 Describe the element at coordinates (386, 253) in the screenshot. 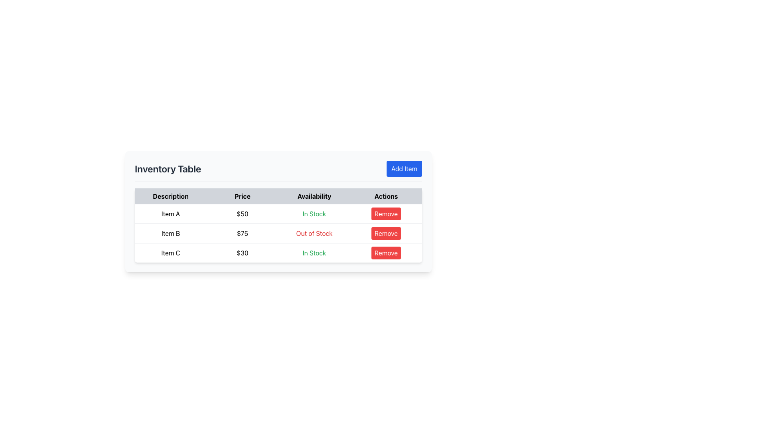

I see `the 'Remove' button associated with 'Item C' priced at $30 in the inventory table` at that location.